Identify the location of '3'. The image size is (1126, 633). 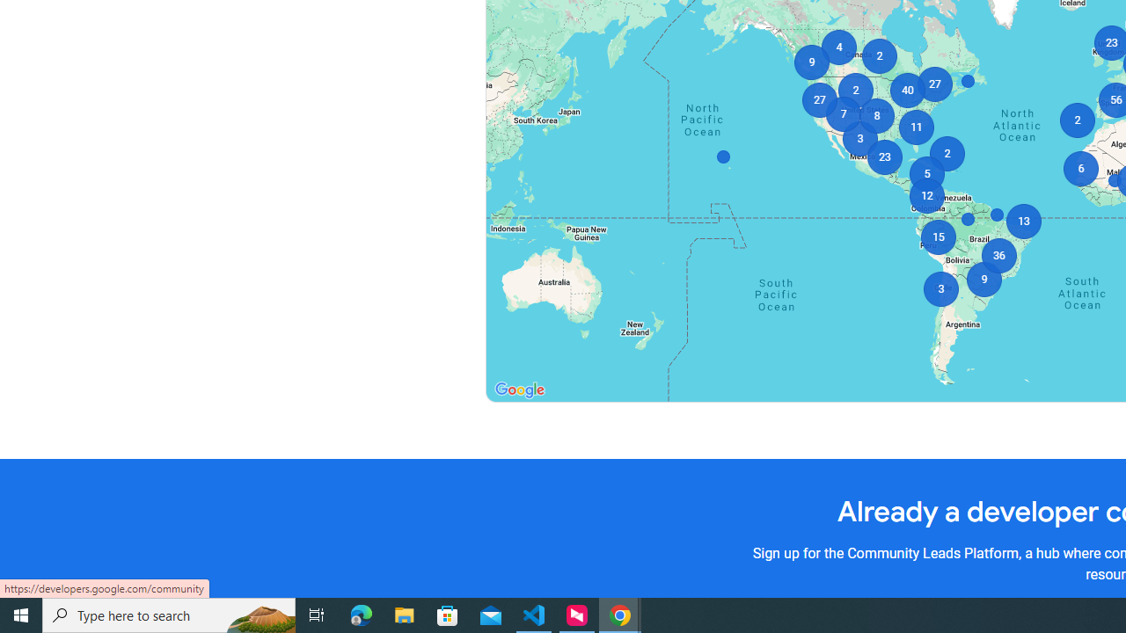
(940, 288).